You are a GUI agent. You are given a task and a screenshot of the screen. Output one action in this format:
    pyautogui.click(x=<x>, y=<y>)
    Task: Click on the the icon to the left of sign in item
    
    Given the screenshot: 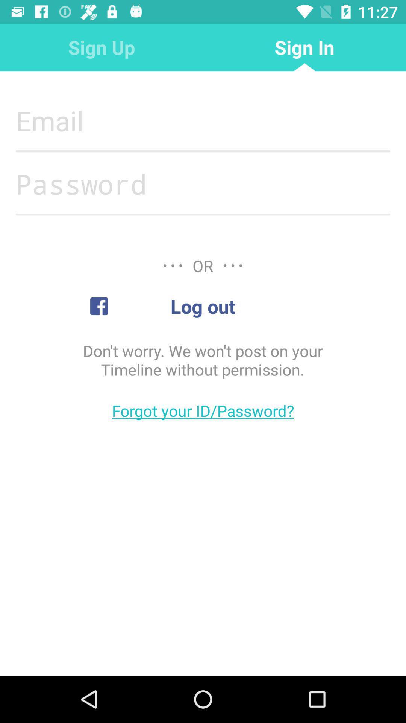 What is the action you would take?
    pyautogui.click(x=101, y=47)
    